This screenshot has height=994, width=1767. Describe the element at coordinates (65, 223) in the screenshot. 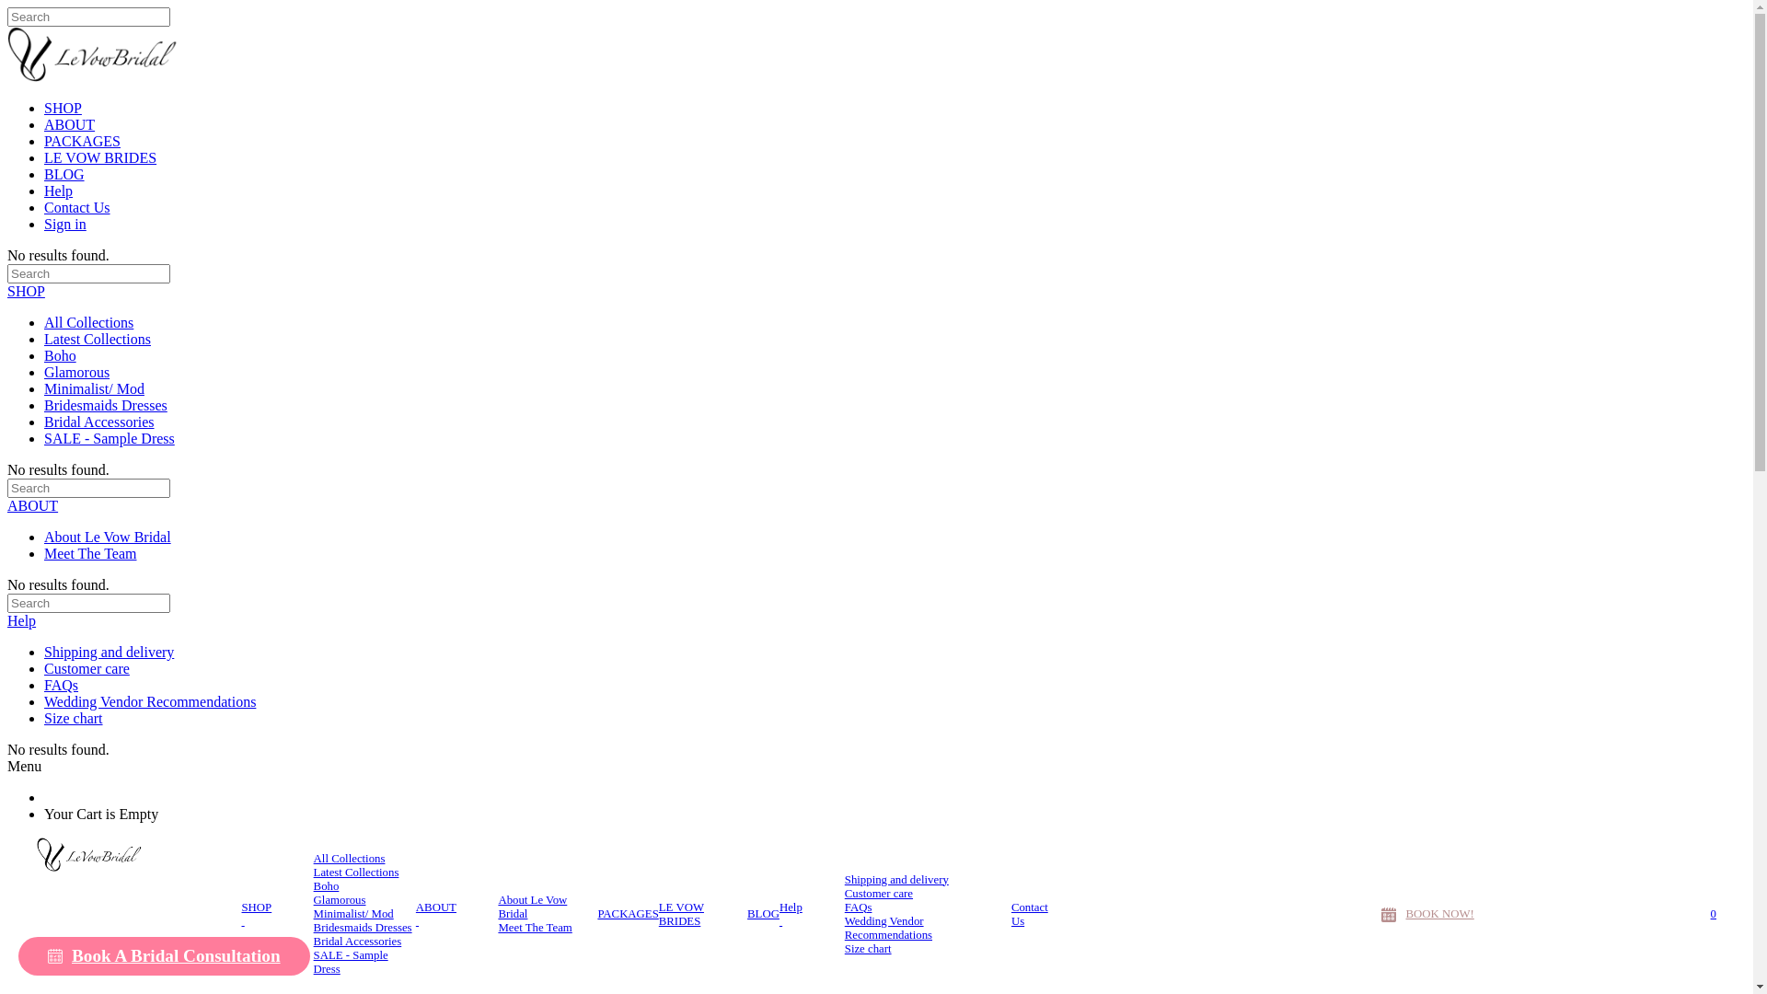

I see `'Sign in'` at that location.